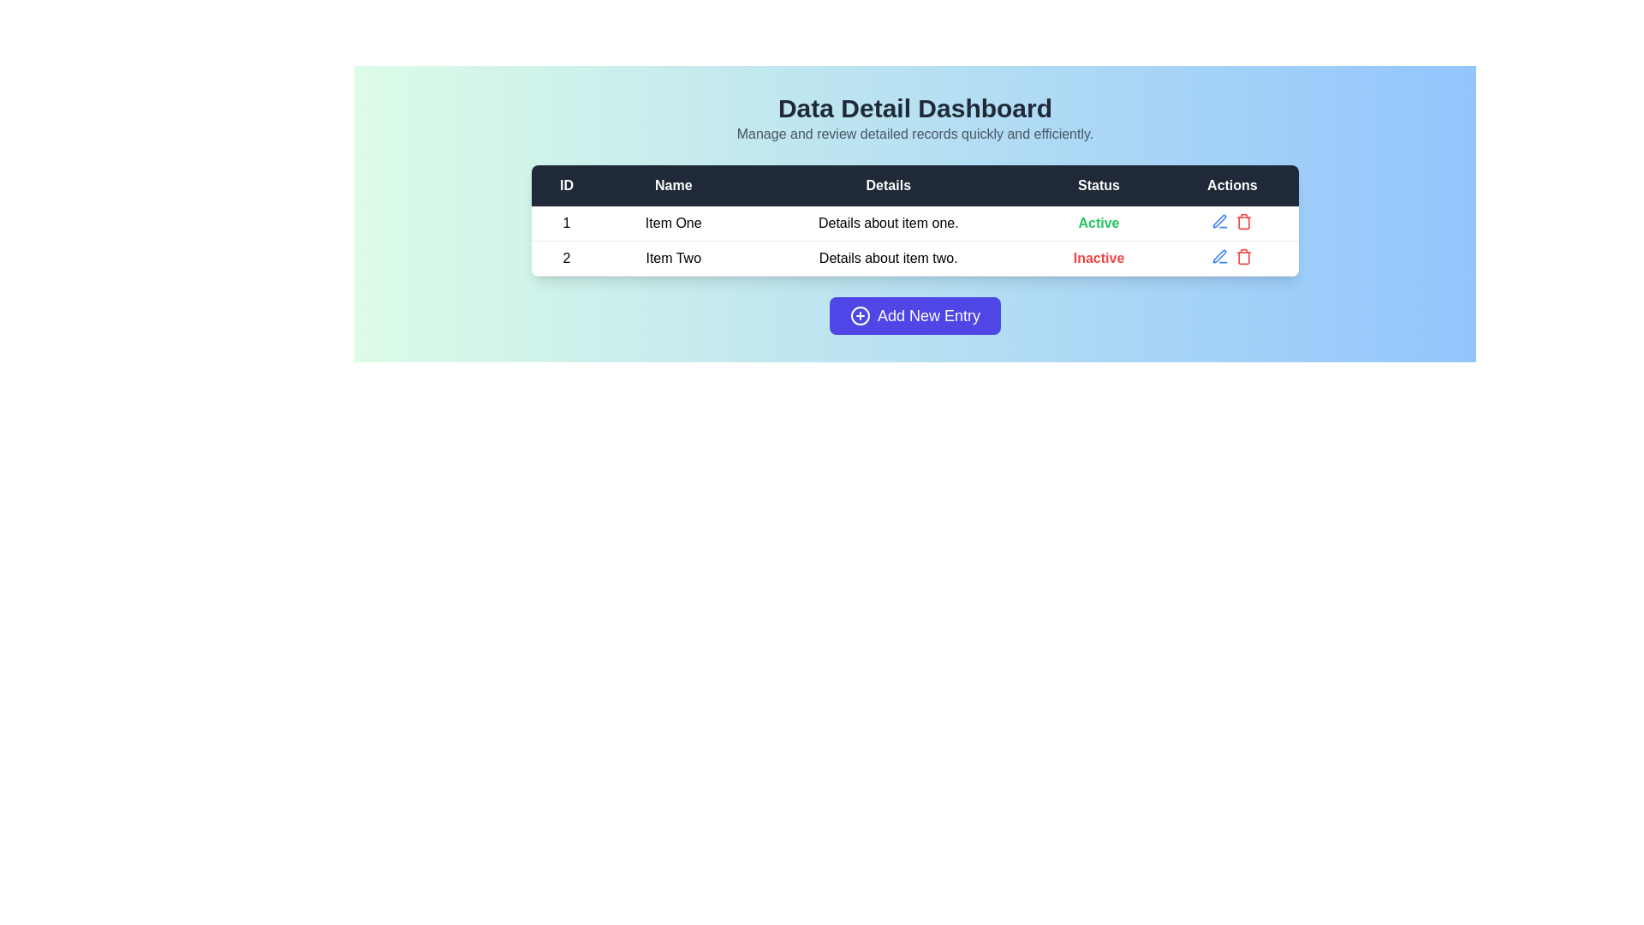 The image size is (1644, 925). Describe the element at coordinates (888, 223) in the screenshot. I see `the text label displaying descriptive details for the first item in the data table, located between 'Item One' and 'Active'` at that location.